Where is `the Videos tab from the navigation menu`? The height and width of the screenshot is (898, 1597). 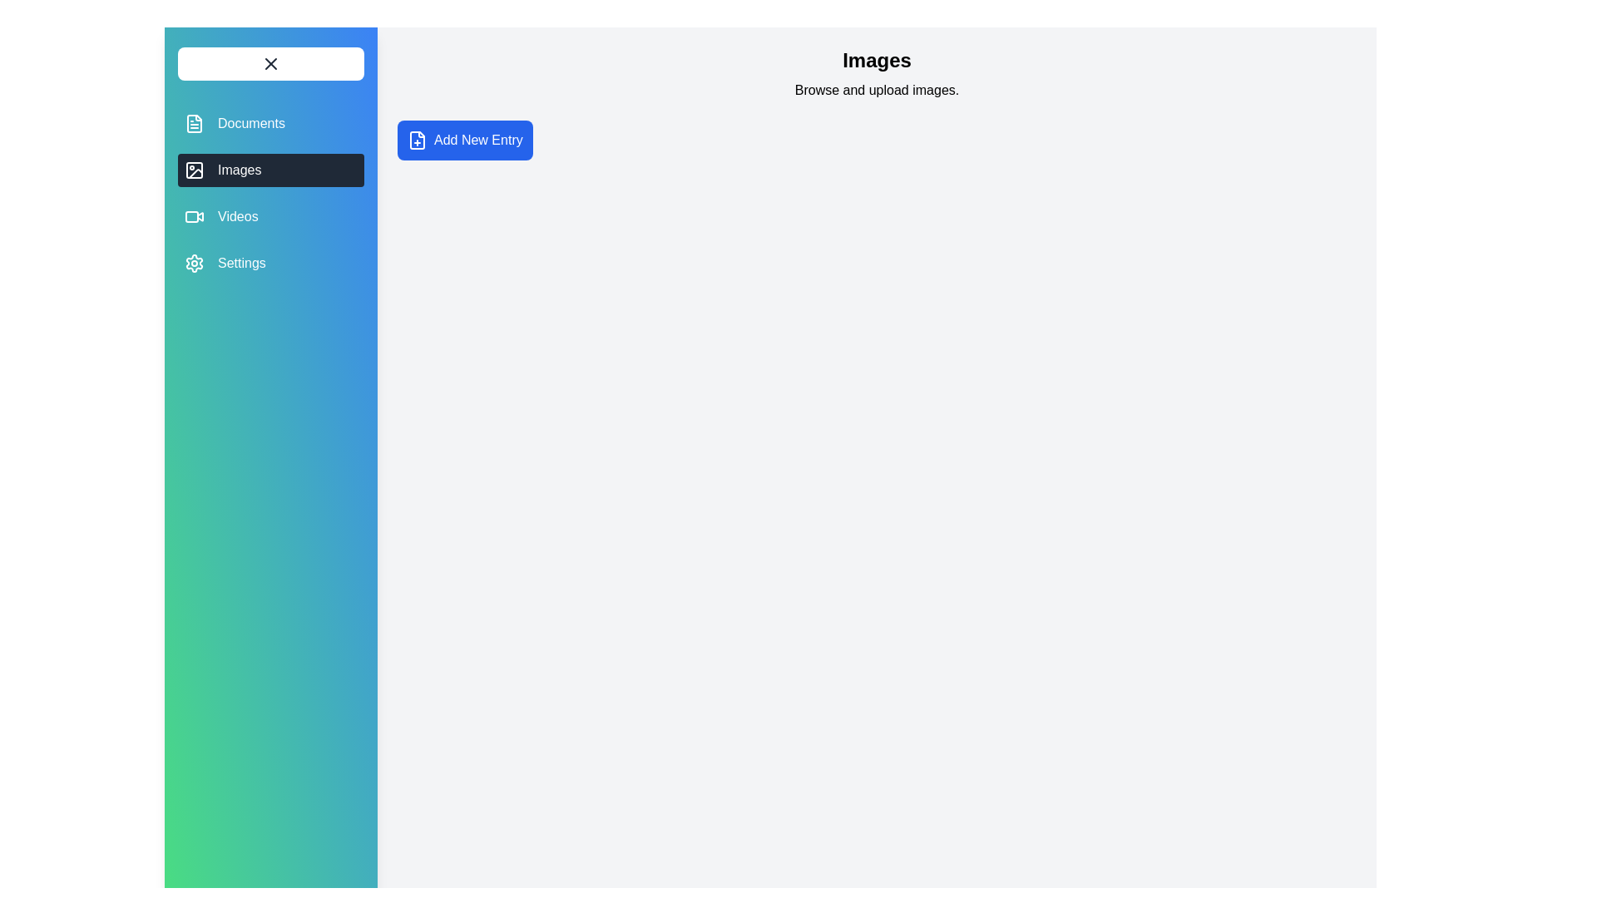 the Videos tab from the navigation menu is located at coordinates (271, 216).